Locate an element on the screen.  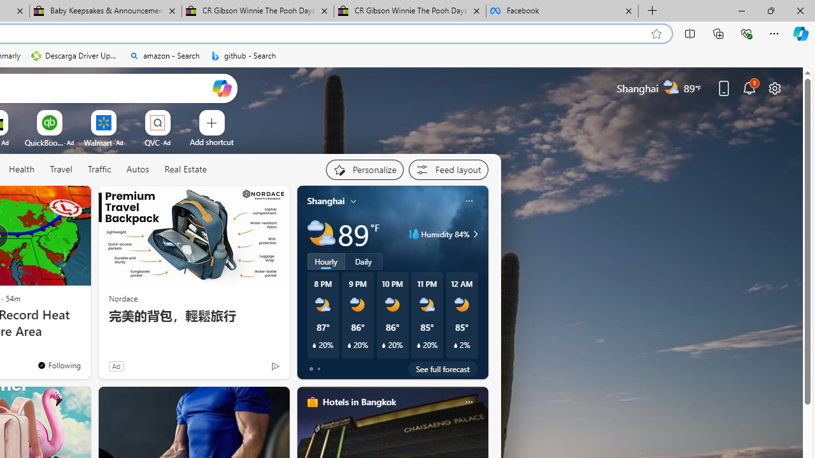
'My location' is located at coordinates (353, 200).